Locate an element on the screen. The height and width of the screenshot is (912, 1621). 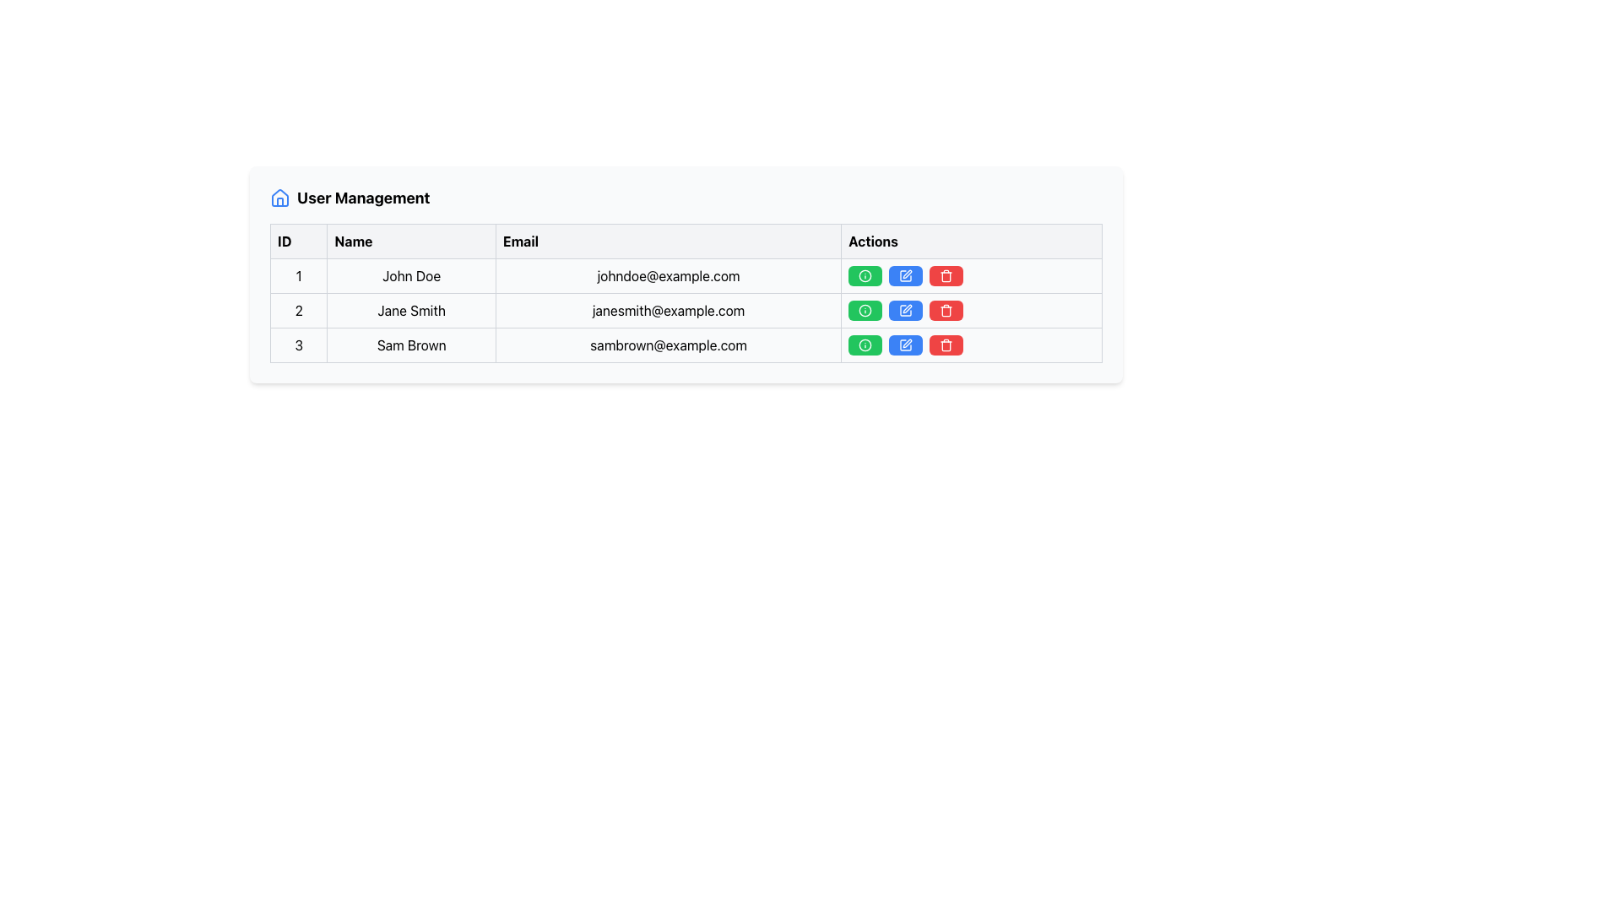
the third row in the User Management table that contains the fields '3', 'Sam Brown', and 'sambrown@example.com' is located at coordinates (686, 344).